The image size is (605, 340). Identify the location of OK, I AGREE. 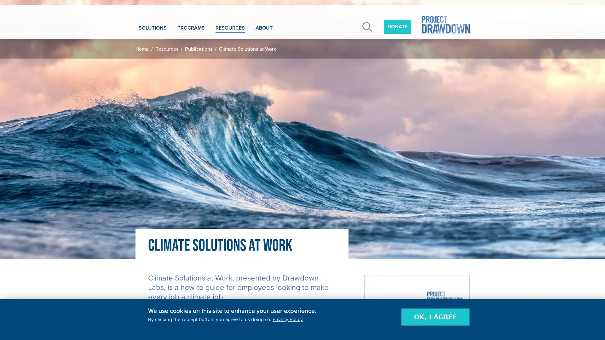
(435, 317).